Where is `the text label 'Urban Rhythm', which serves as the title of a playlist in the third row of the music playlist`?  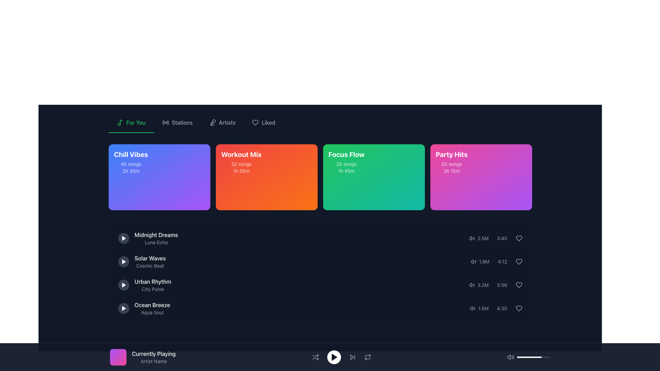
the text label 'Urban Rhythm', which serves as the title of a playlist in the third row of the music playlist is located at coordinates (152, 282).